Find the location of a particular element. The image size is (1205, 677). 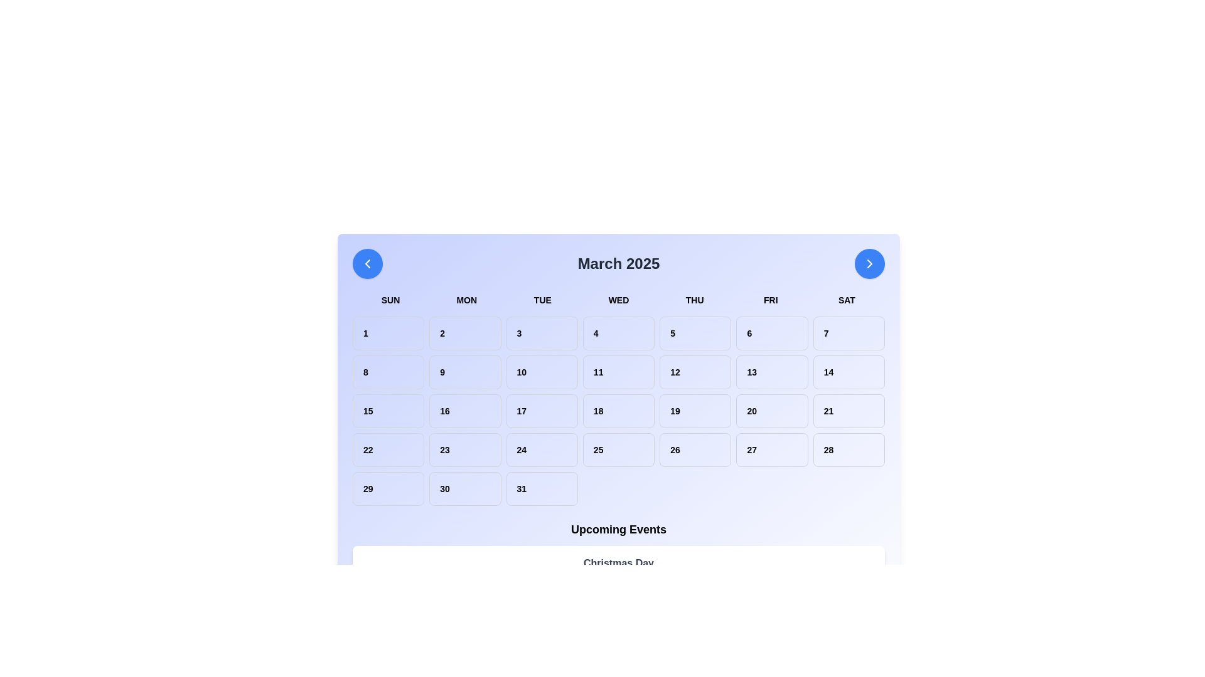

the title of the displayed calendar that indicates the currently visible month and year is located at coordinates (618, 263).